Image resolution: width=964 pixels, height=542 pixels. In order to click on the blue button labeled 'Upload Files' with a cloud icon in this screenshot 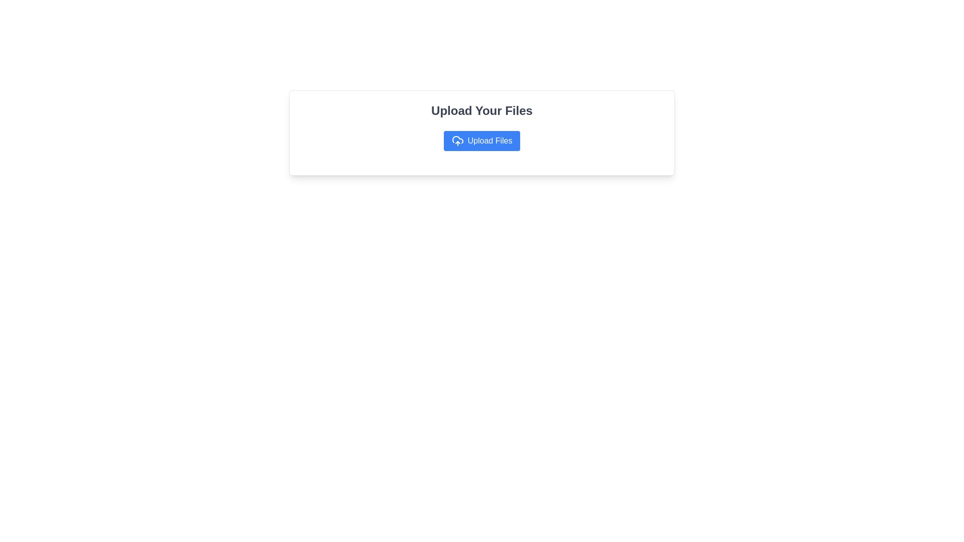, I will do `click(482, 141)`.